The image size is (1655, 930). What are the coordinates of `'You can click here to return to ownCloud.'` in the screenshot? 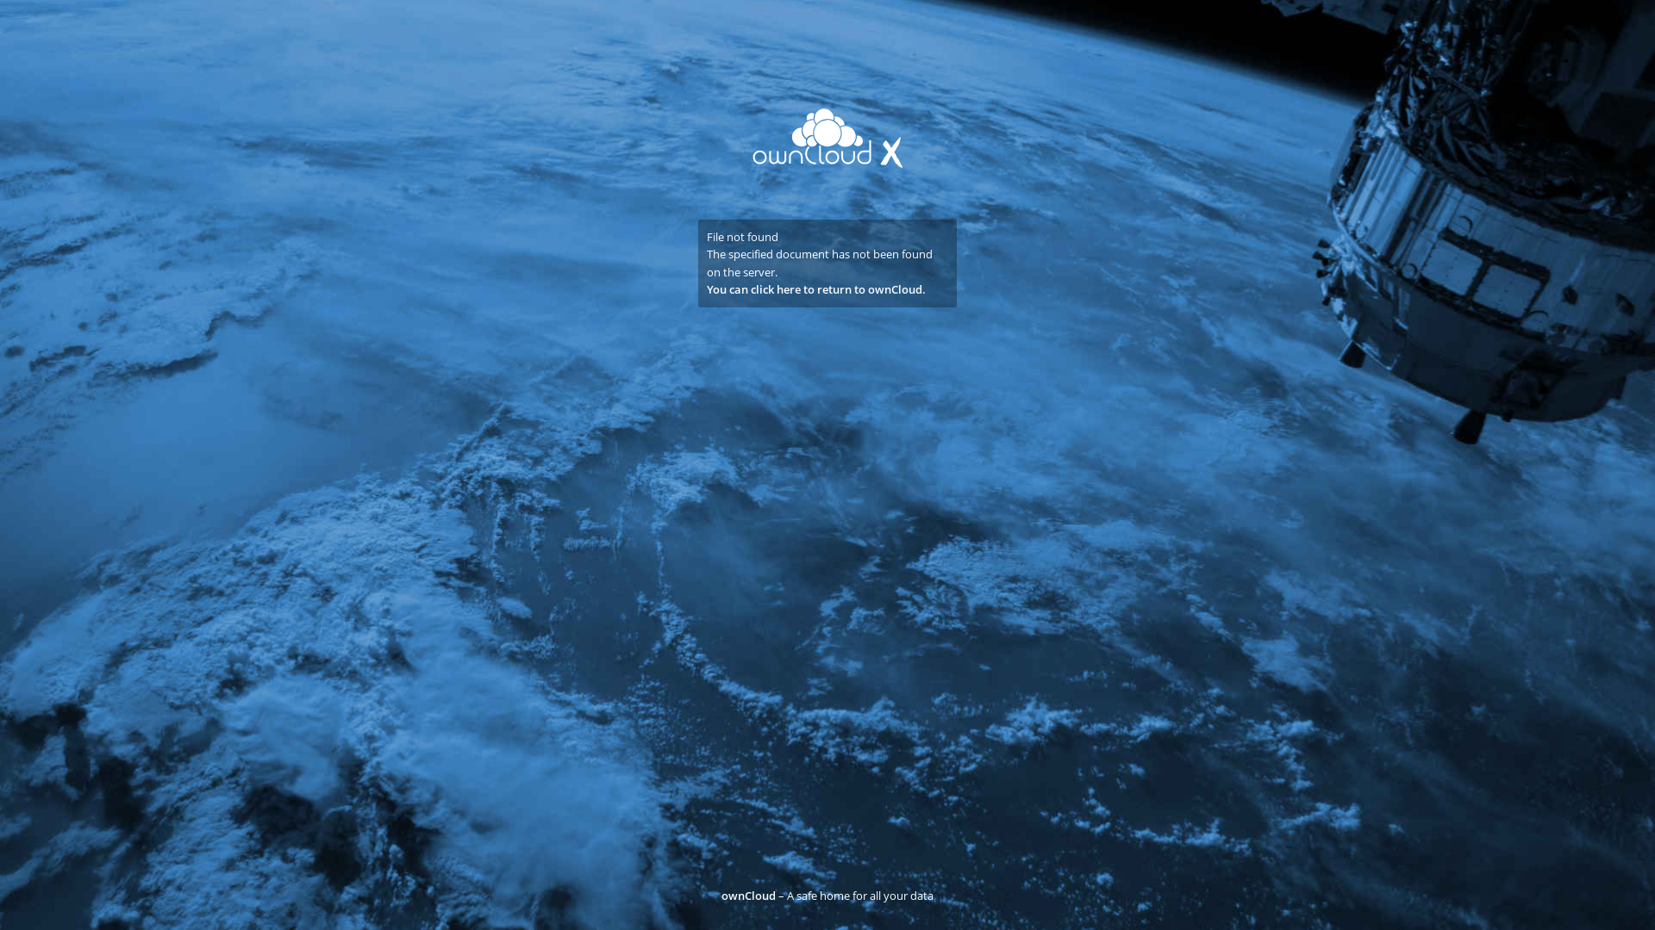 It's located at (815, 288).